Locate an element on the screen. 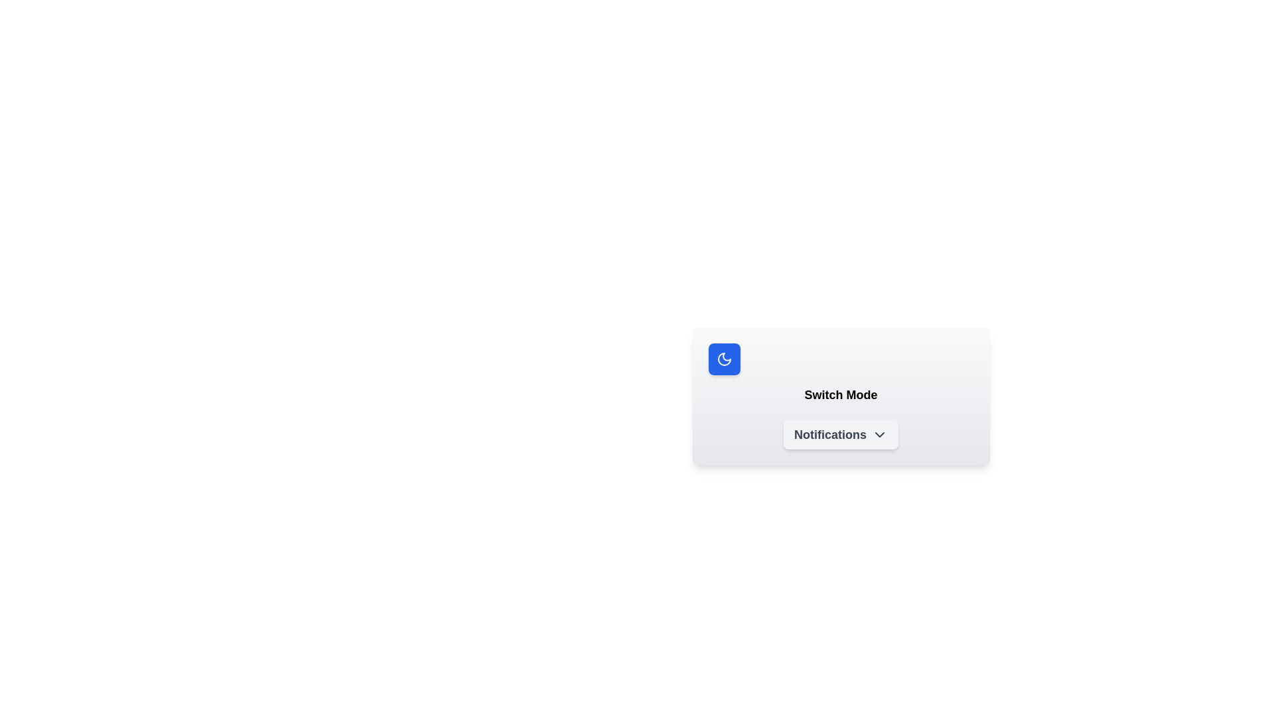 This screenshot has height=716, width=1274. the static text label 'Switch Mode' that is centrally aligned and positioned below a rounded blue moon icon and above the 'Notifications' button is located at coordinates (840, 394).